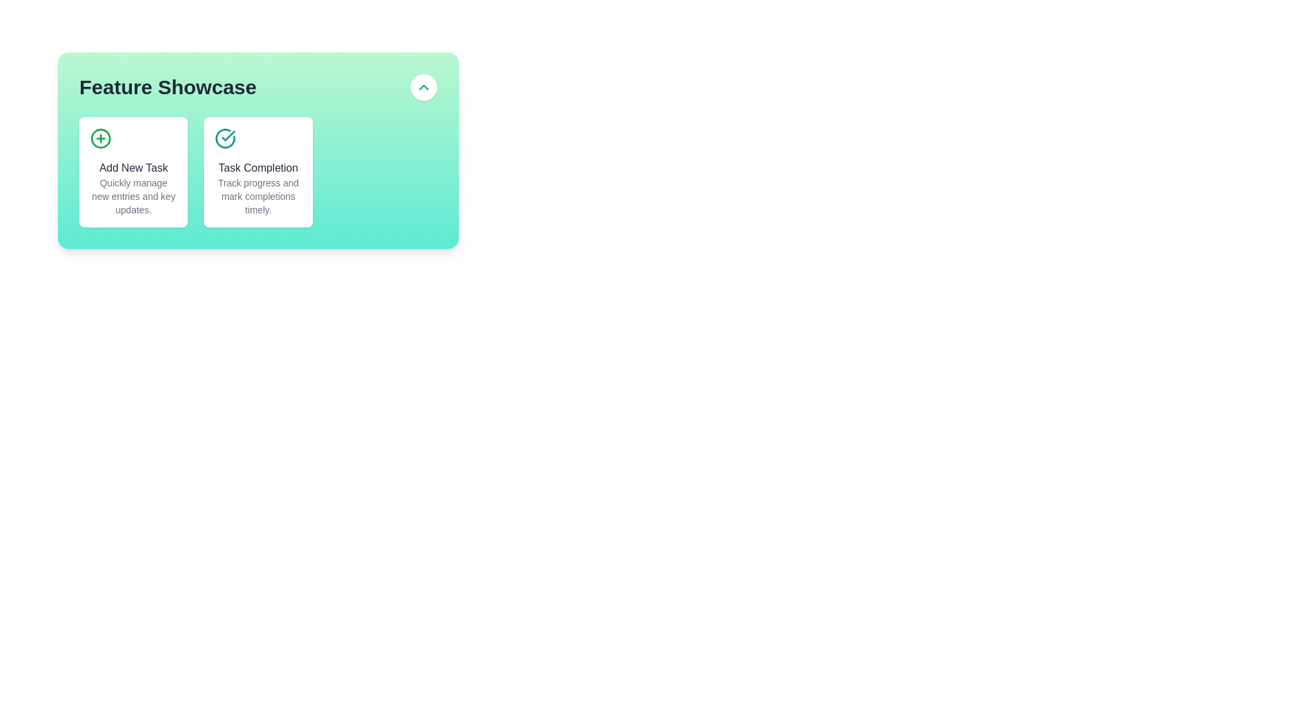 This screenshot has height=727, width=1292. Describe the element at coordinates (225, 138) in the screenshot. I see `the circular teal checkmark icon located at the top-center of the 'Task Completion' card, which is to the right of the 'Add New Task' card in the 'Feature Showcase' section` at that location.